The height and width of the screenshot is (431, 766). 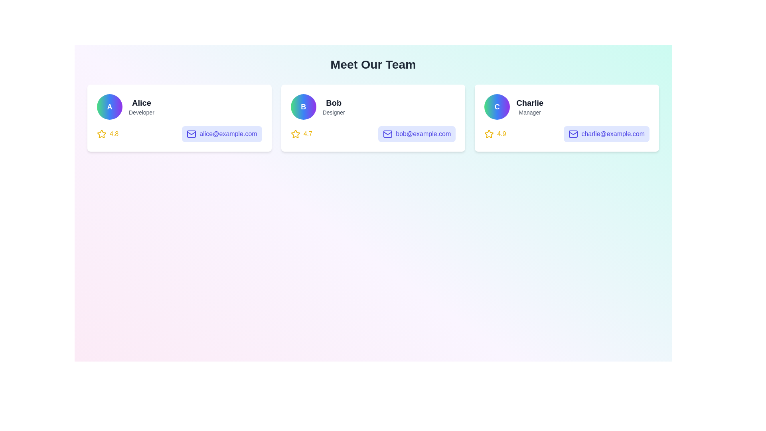 What do you see at coordinates (530, 103) in the screenshot?
I see `bold text label displaying the name 'Charlie' located in the third card from the left in the 'Meet Our Team' section, above the text 'Manager' and adjacent to the circular profile representation with the letter 'C'` at bounding box center [530, 103].